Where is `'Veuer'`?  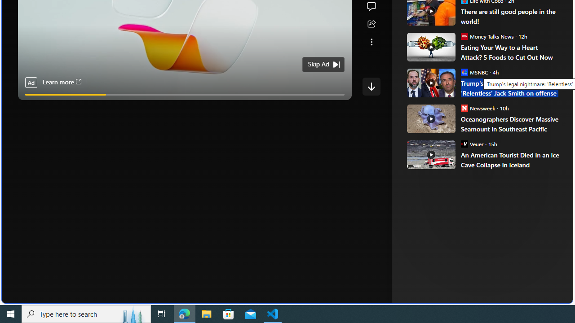
'Veuer' is located at coordinates (464, 143).